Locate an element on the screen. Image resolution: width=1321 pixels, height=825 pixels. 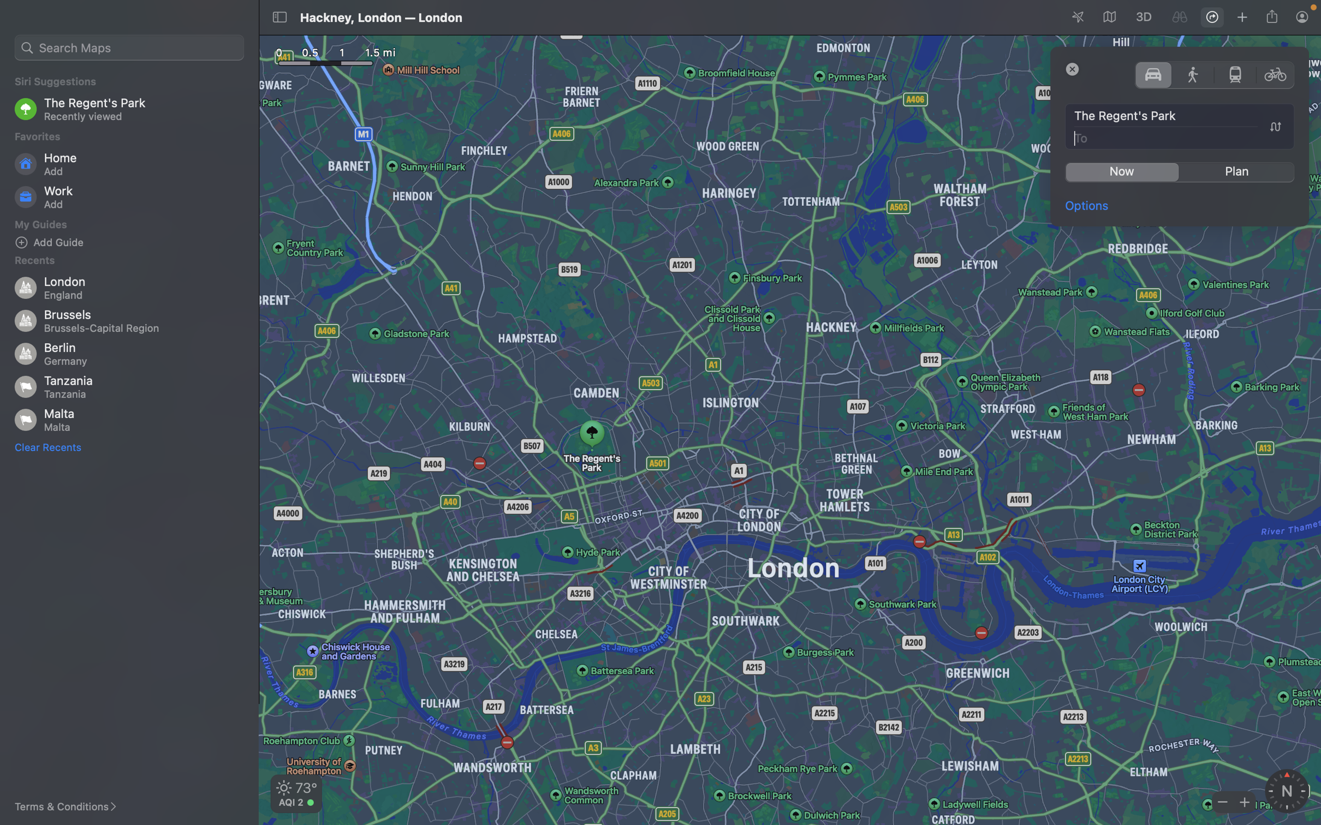
the destination as London is located at coordinates (1180, 137).